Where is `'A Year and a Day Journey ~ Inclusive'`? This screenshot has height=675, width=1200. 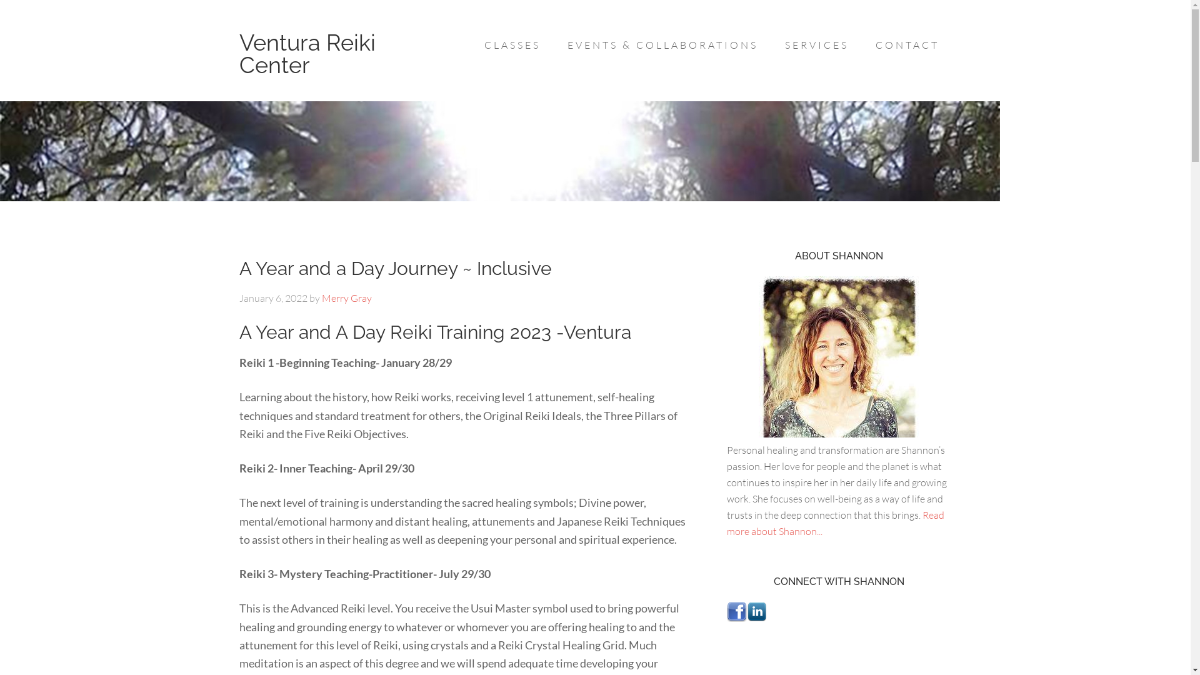
'A Year and a Day Journey ~ Inclusive' is located at coordinates (394, 267).